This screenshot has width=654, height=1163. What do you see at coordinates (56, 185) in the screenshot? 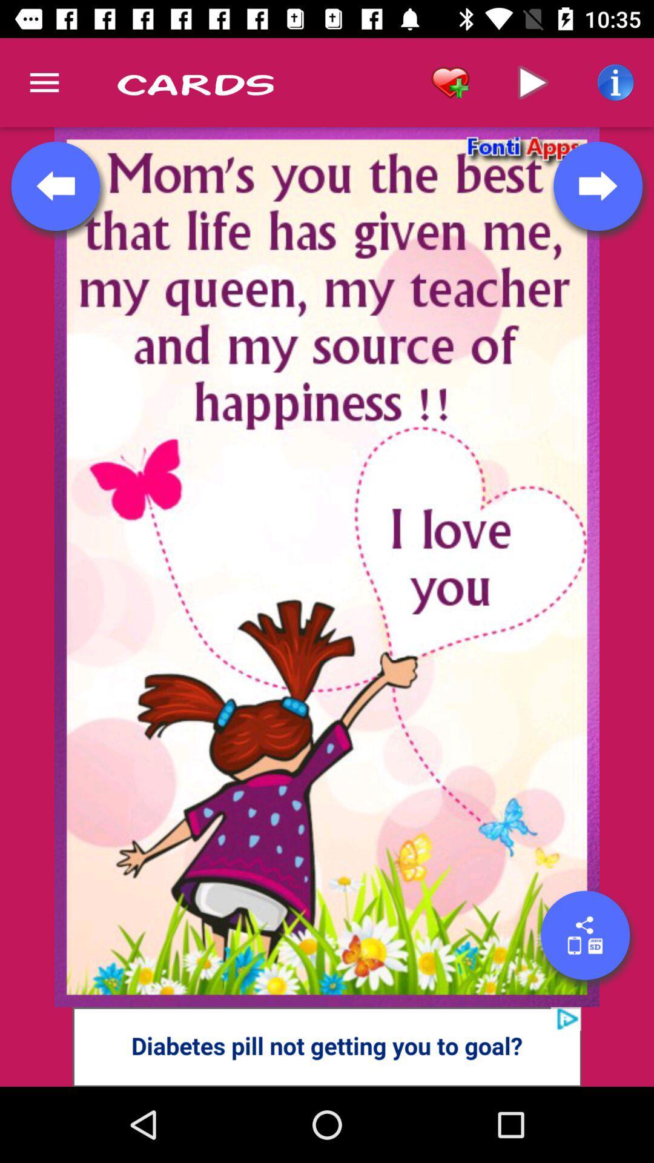
I see `previous` at bounding box center [56, 185].